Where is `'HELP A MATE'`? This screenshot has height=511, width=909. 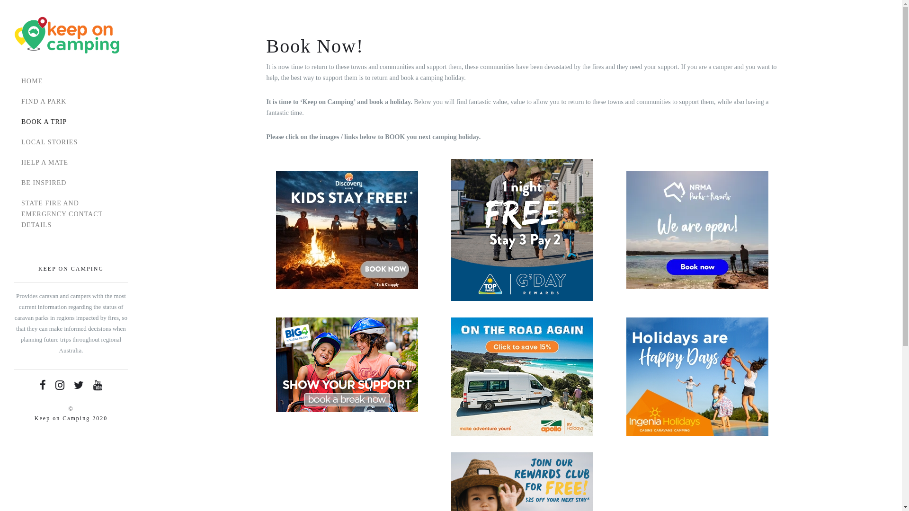
'HELP A MATE' is located at coordinates (70, 162).